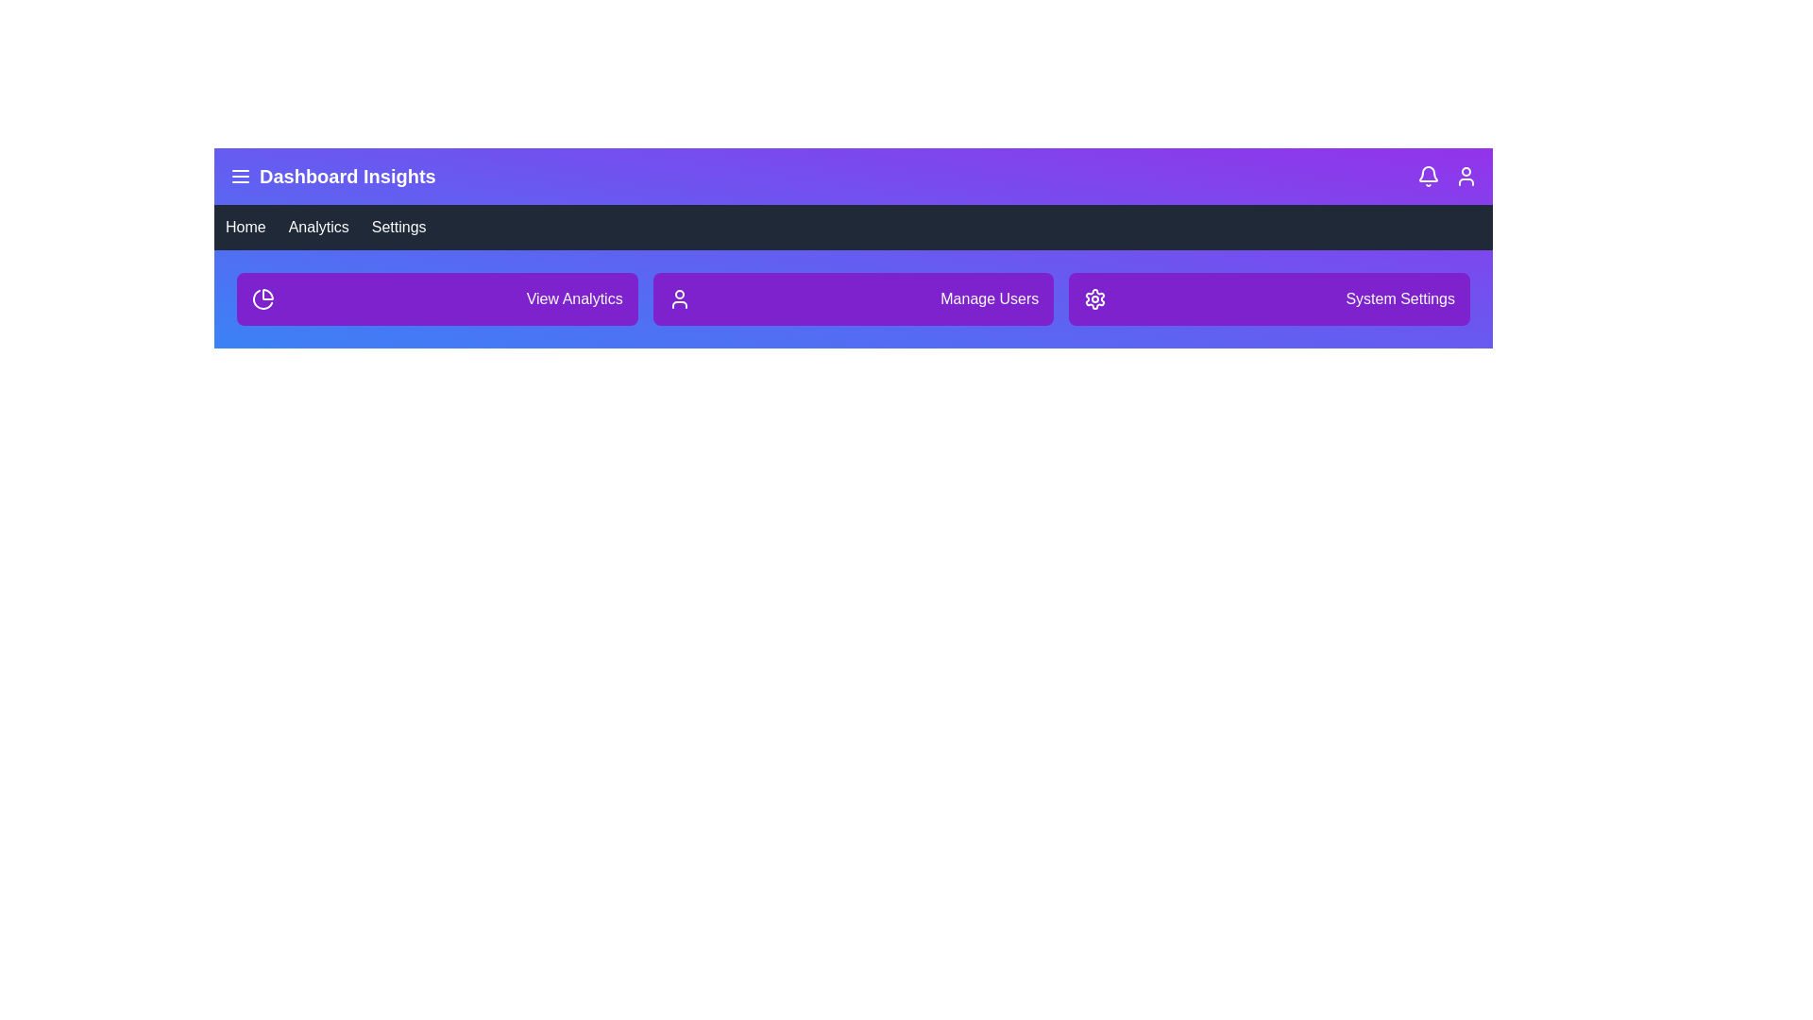  I want to click on the menu button to toggle the sidebar visibility, so click(239, 176).